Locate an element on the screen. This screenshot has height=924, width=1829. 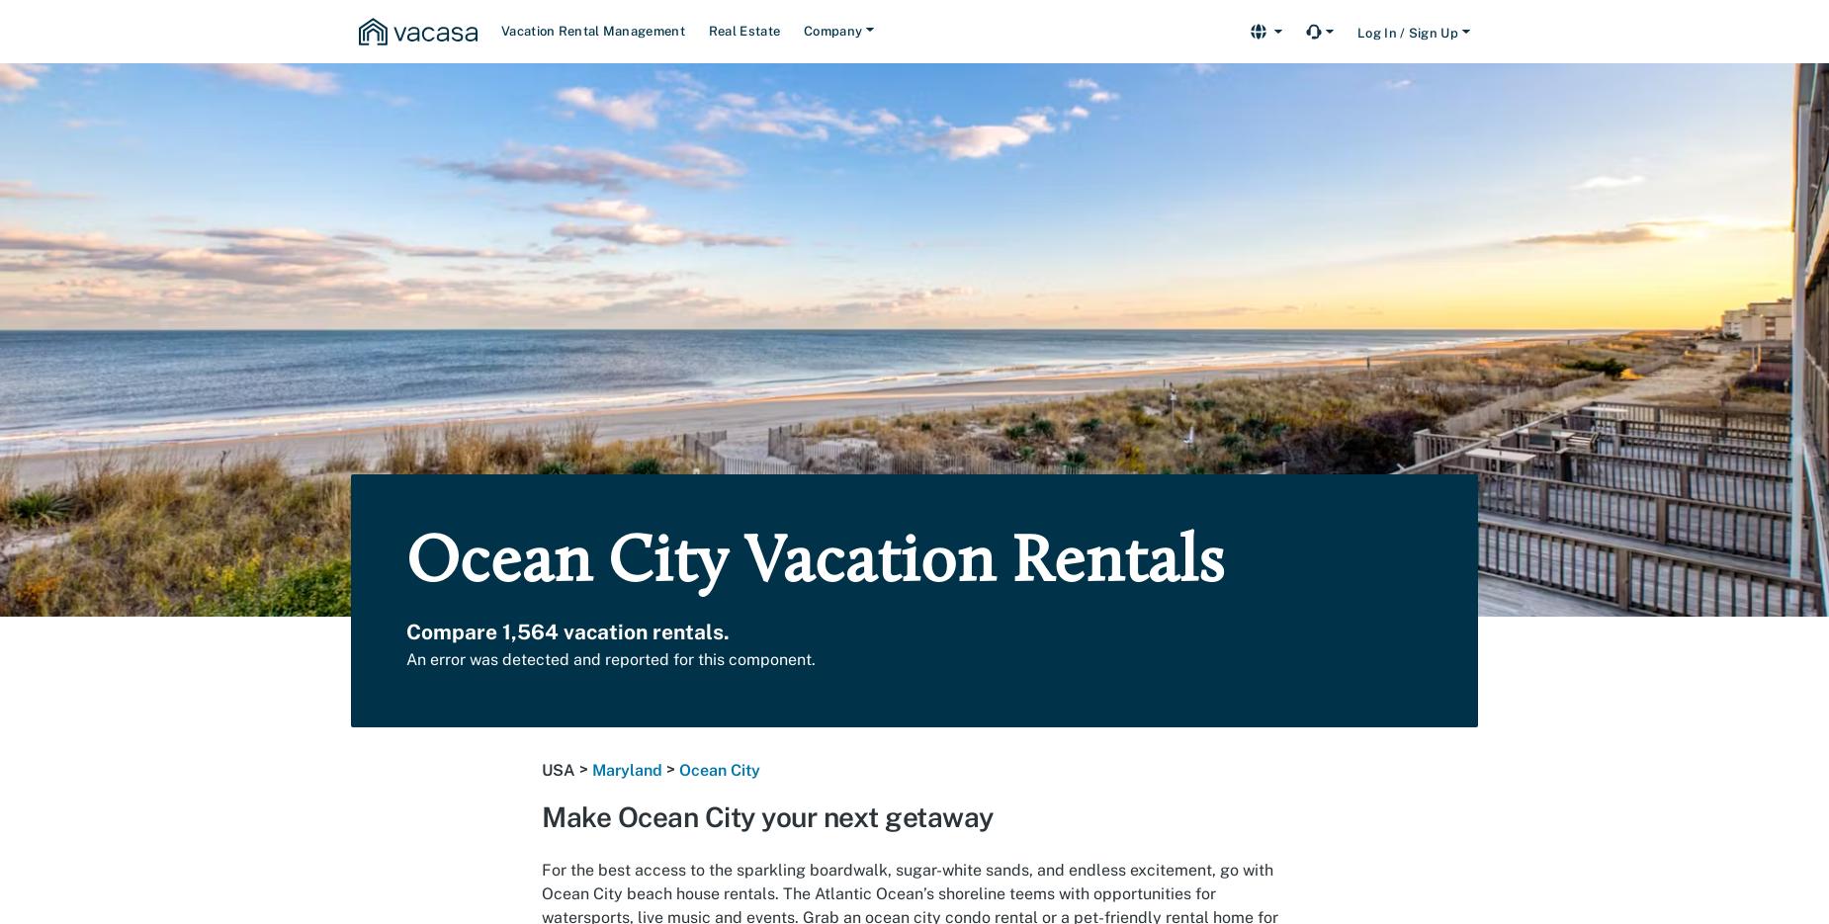
'Maryland' is located at coordinates (627, 769).